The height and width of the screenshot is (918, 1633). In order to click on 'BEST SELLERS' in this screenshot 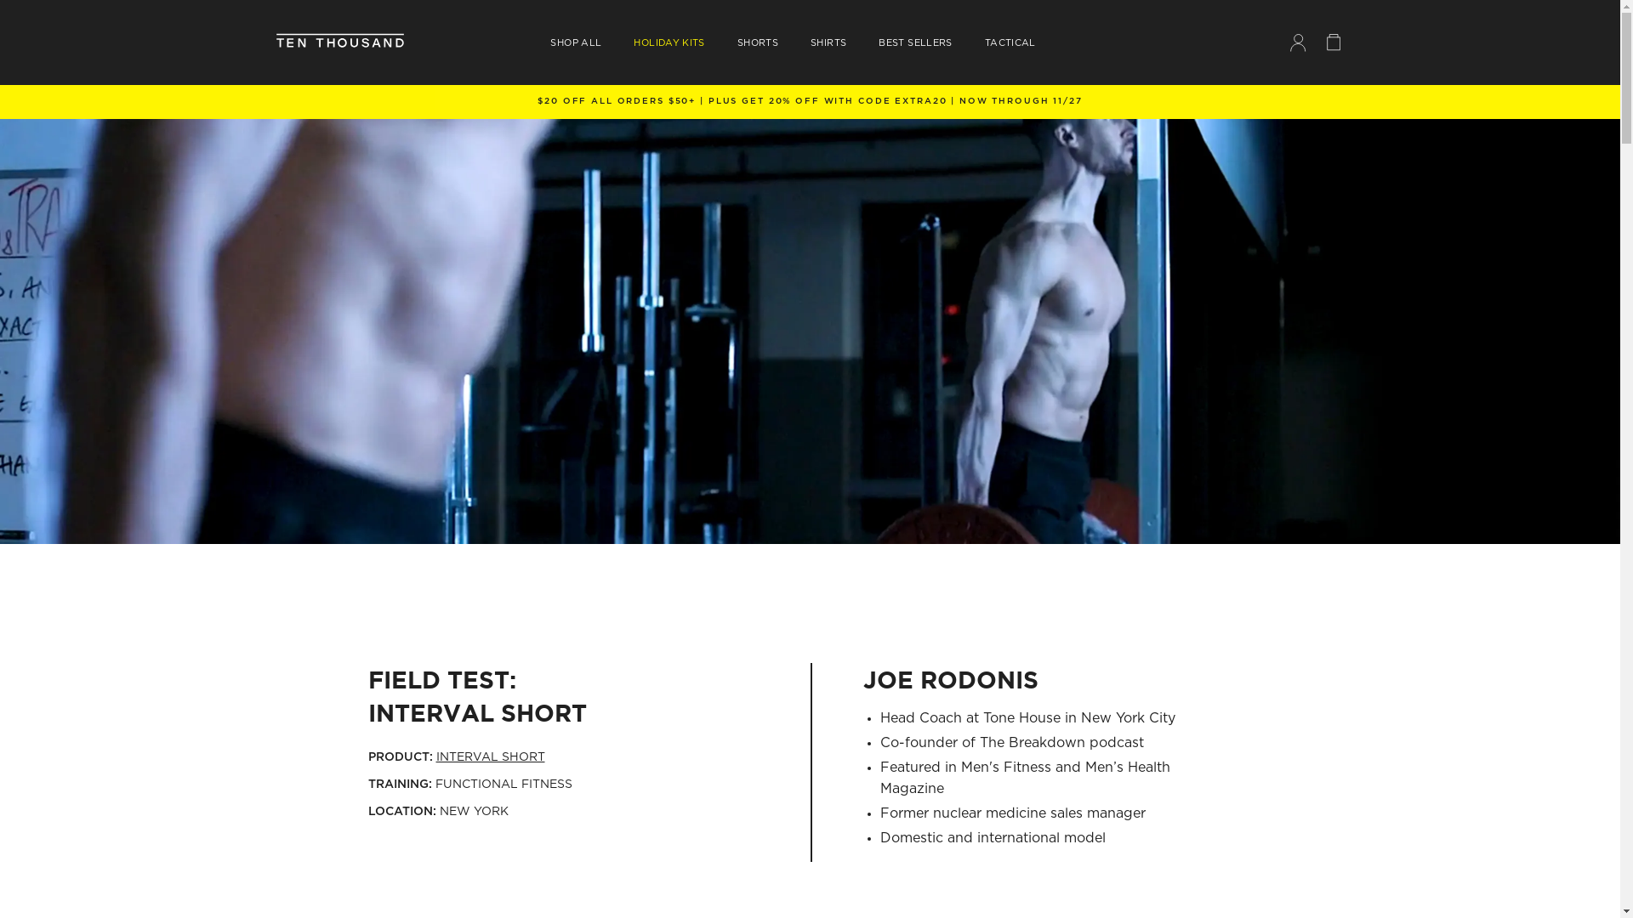, I will do `click(862, 42)`.